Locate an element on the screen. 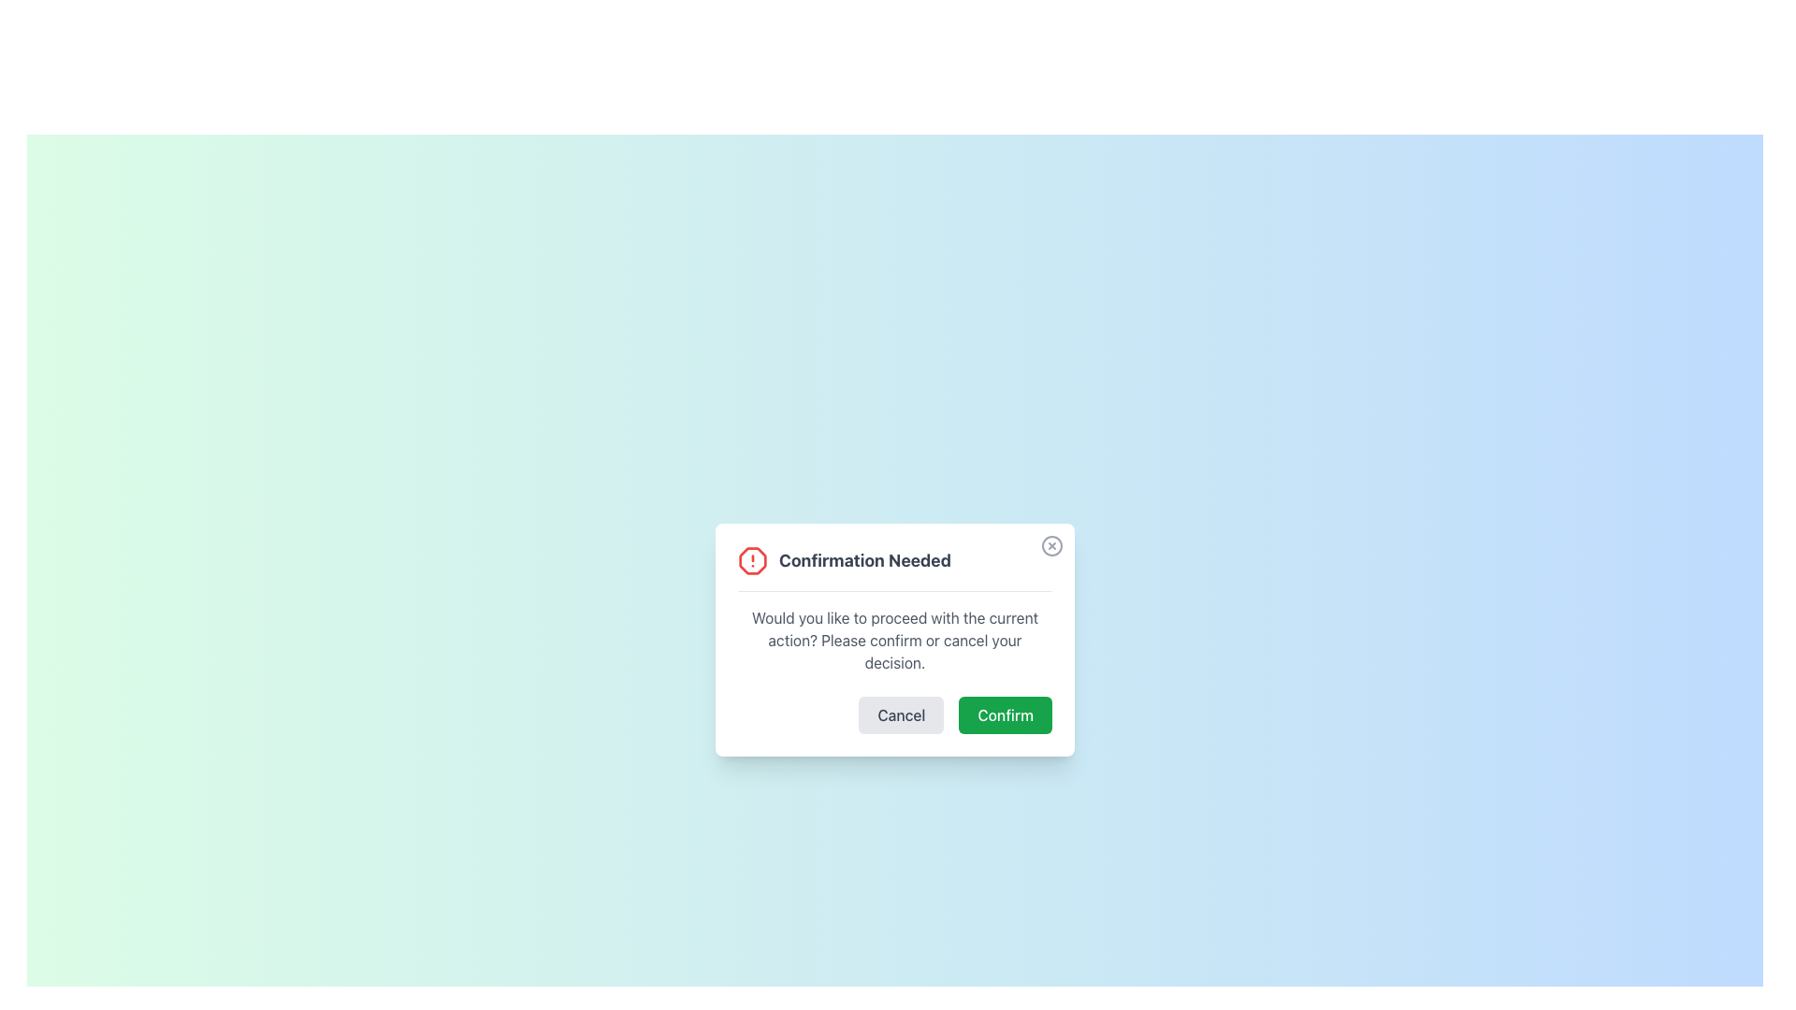 Image resolution: width=1796 pixels, height=1010 pixels. the 'Confirmation Needed' text label, which is bold, large, and dark gray, positioned within a confirmation dialog immediately to the right of a red alert icon is located at coordinates (863, 559).